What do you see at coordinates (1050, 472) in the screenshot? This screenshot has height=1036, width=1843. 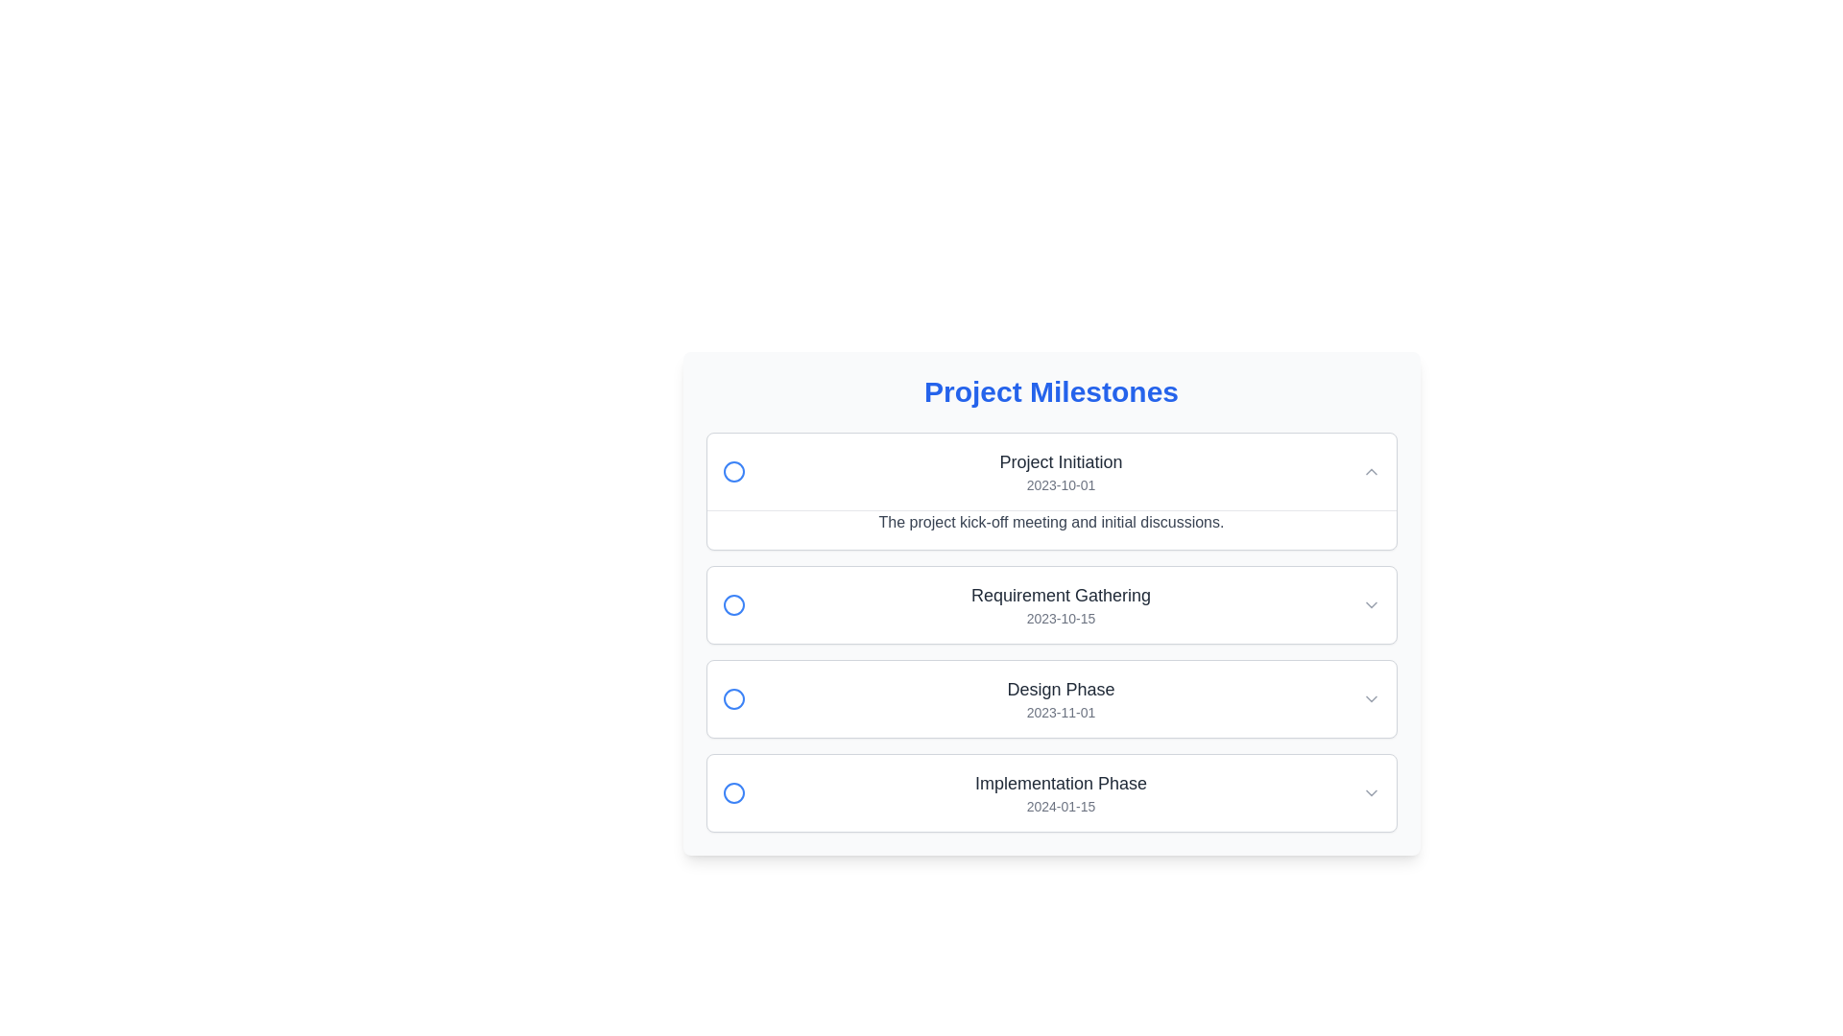 I see `the collapsible list header for 'Project Initiation'` at bounding box center [1050, 472].